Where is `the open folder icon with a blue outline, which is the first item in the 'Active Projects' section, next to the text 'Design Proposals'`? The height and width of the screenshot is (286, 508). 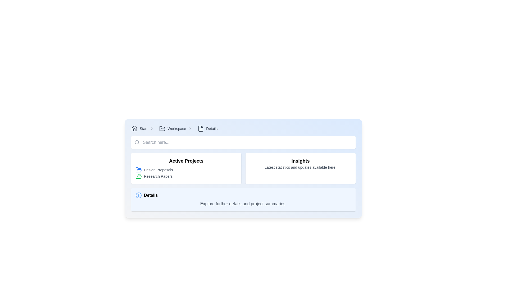 the open folder icon with a blue outline, which is the first item in the 'Active Projects' section, next to the text 'Design Proposals' is located at coordinates (138, 170).